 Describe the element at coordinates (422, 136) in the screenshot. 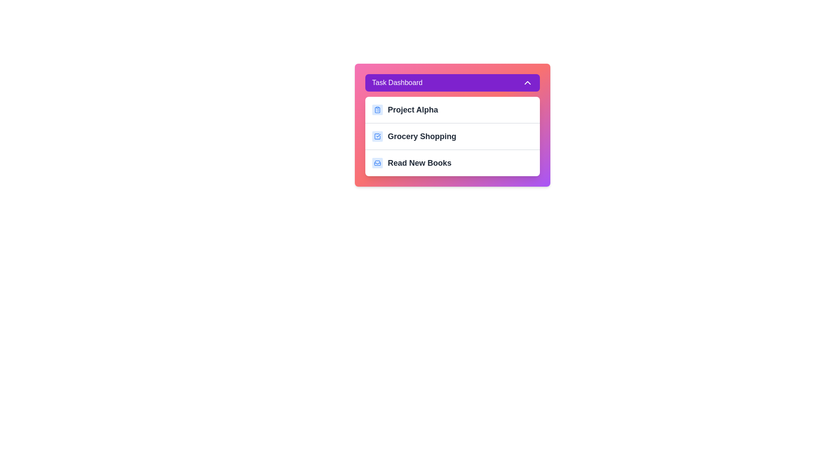

I see `the static text element displaying 'Grocery Shopping', which is bold and dark gray, located below 'Project Alpha' and above 'Read New Books' in the task dashboard panel` at that location.